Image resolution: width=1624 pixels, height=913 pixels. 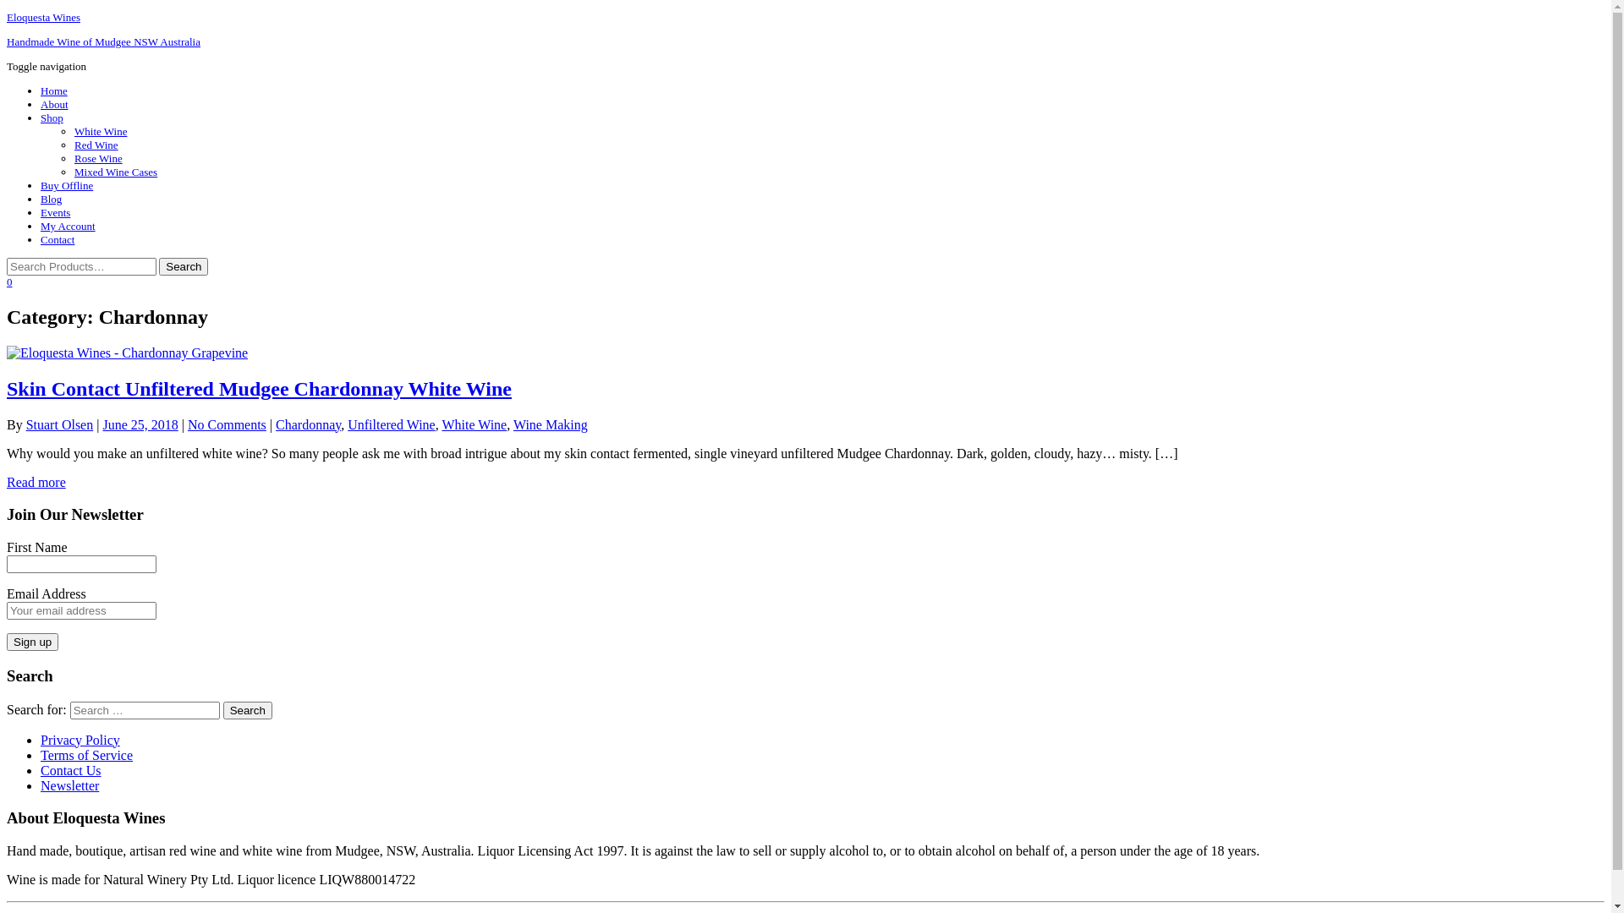 What do you see at coordinates (36, 482) in the screenshot?
I see `'Read more'` at bounding box center [36, 482].